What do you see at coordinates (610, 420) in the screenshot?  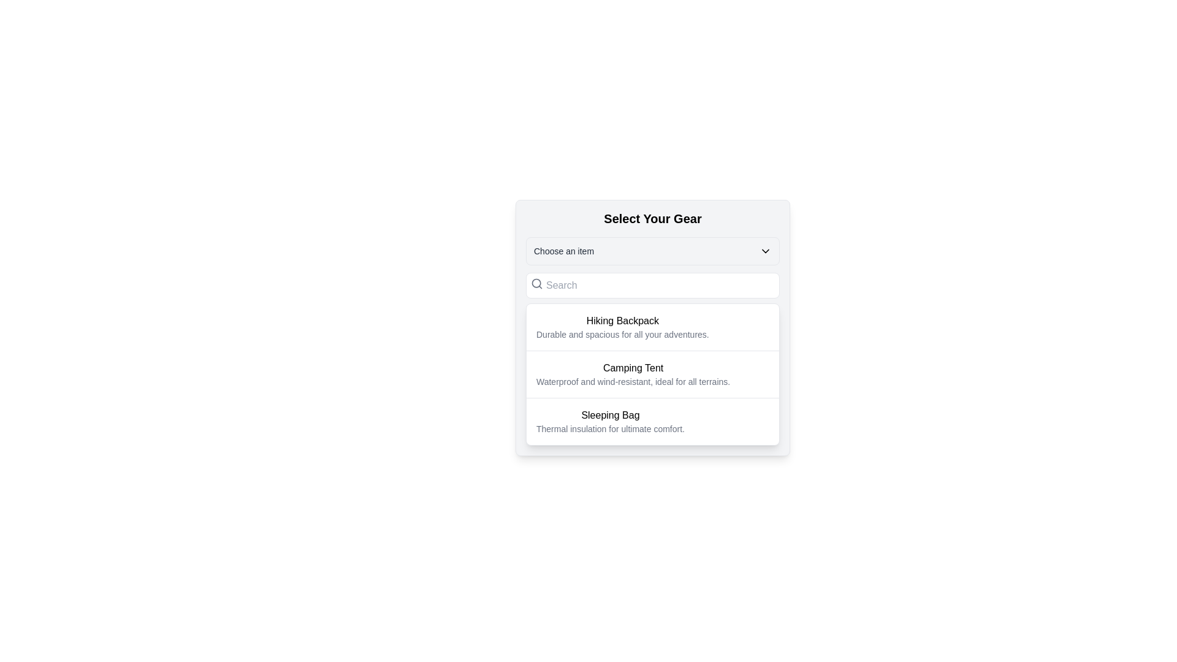 I see `the selectable list item titled 'Sleeping Bag' for keyboard navigation` at bounding box center [610, 420].